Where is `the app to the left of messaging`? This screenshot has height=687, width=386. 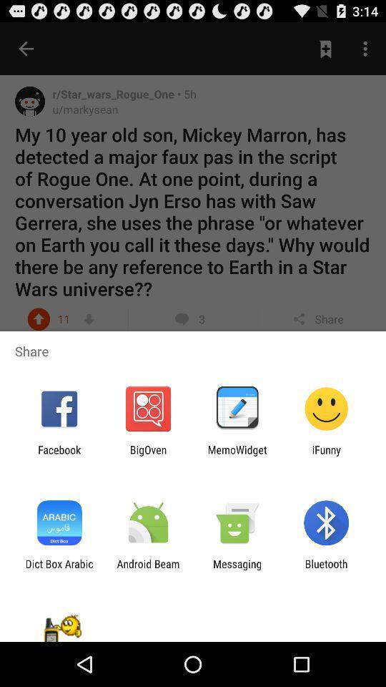
the app to the left of messaging is located at coordinates (147, 570).